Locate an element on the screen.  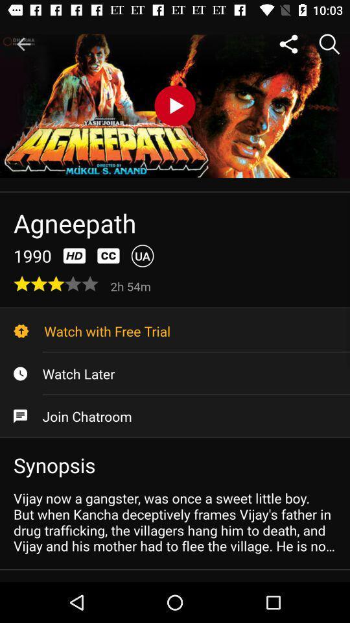
the watch with free is located at coordinates (175, 330).